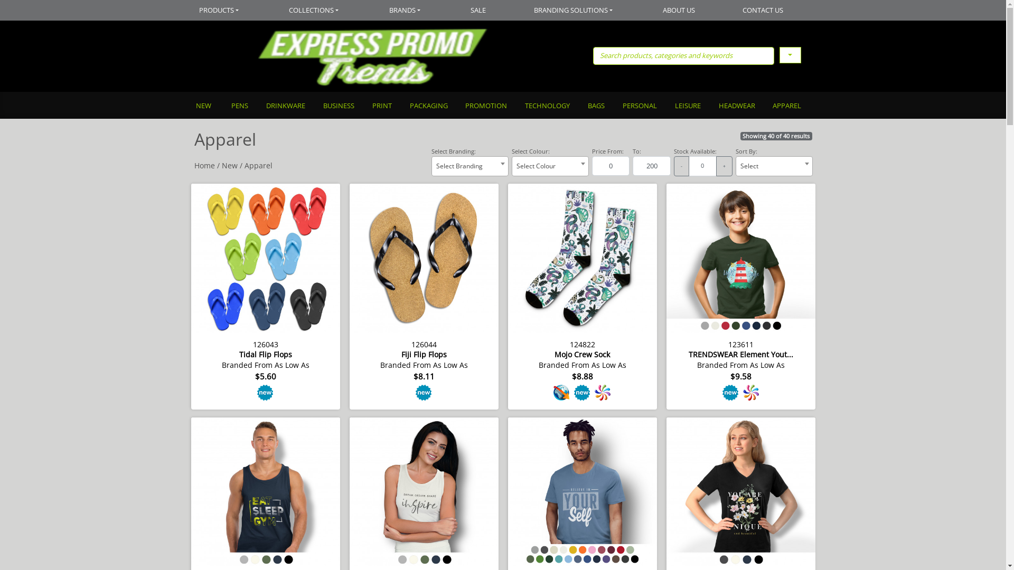 This screenshot has height=570, width=1014. Describe the element at coordinates (405, 10) in the screenshot. I see `'BRANDS'` at that location.